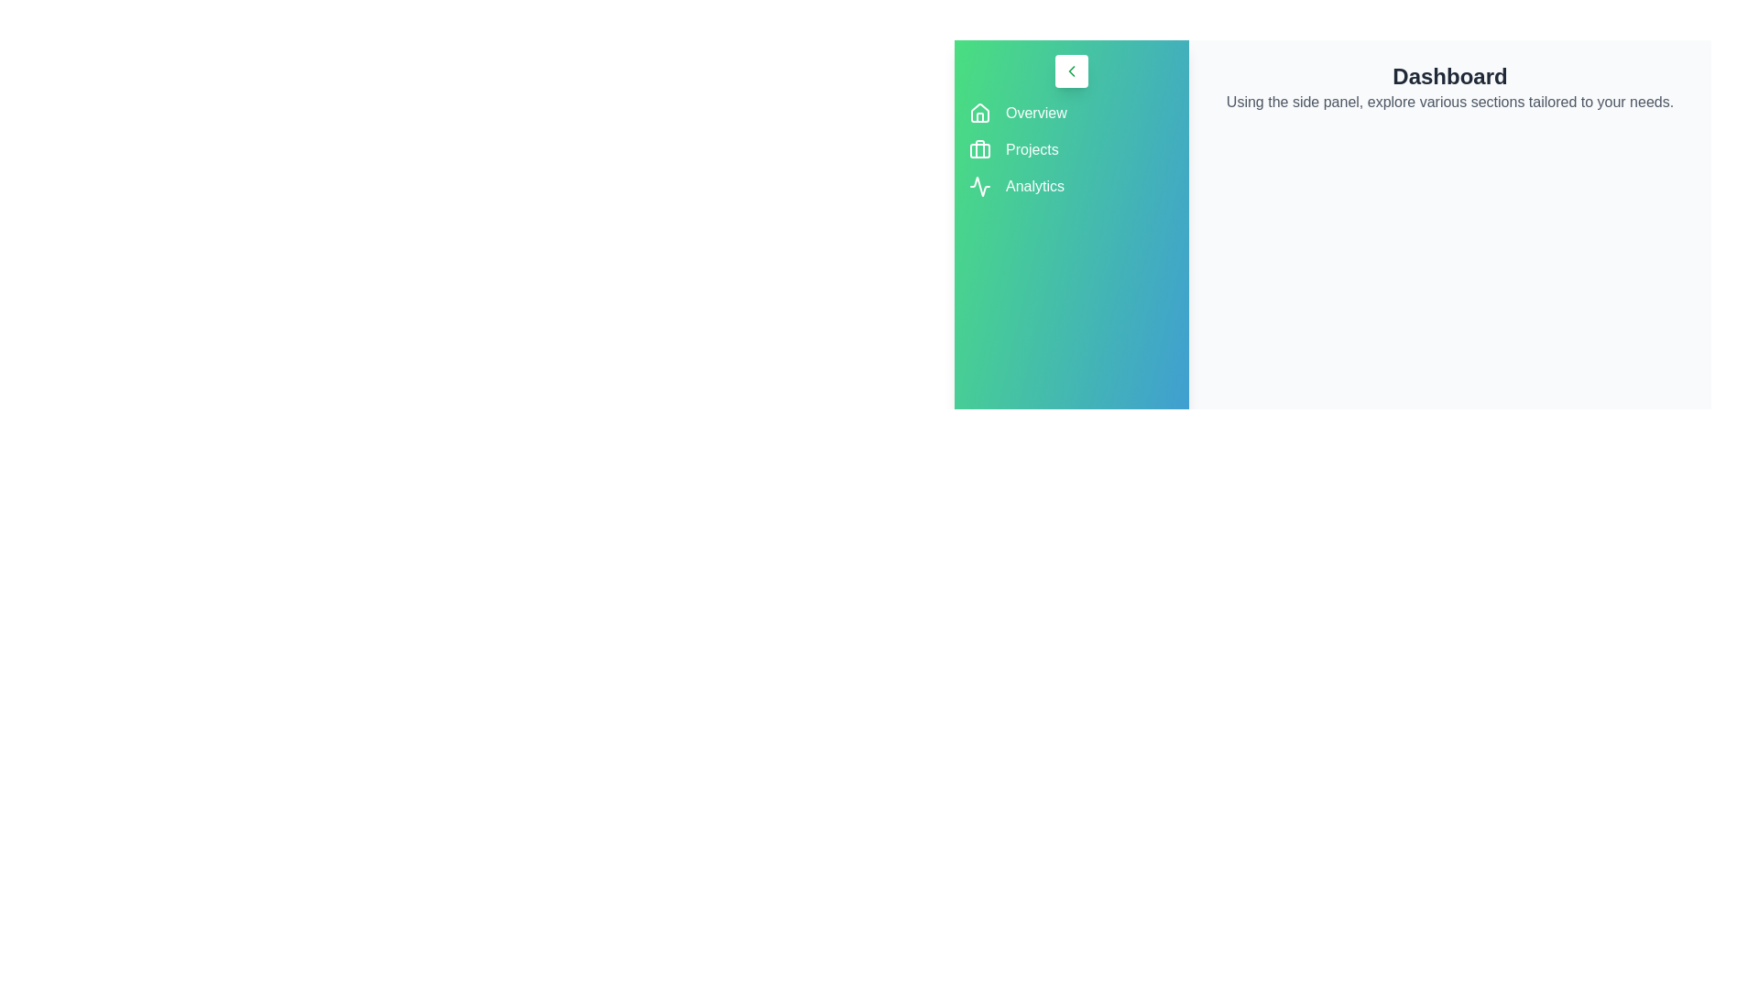  What do you see at coordinates (1034, 187) in the screenshot?
I see `the menu item Analytics to navigate to the corresponding section` at bounding box center [1034, 187].